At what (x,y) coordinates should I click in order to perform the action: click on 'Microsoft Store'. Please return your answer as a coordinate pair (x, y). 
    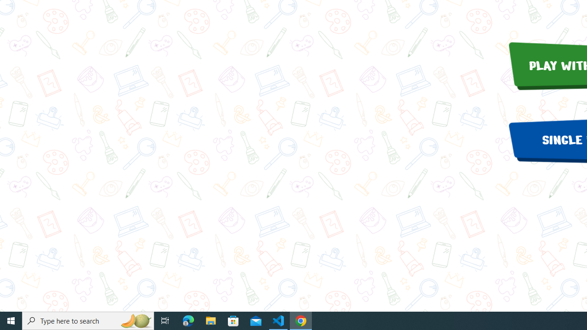
    Looking at the image, I should click on (233, 320).